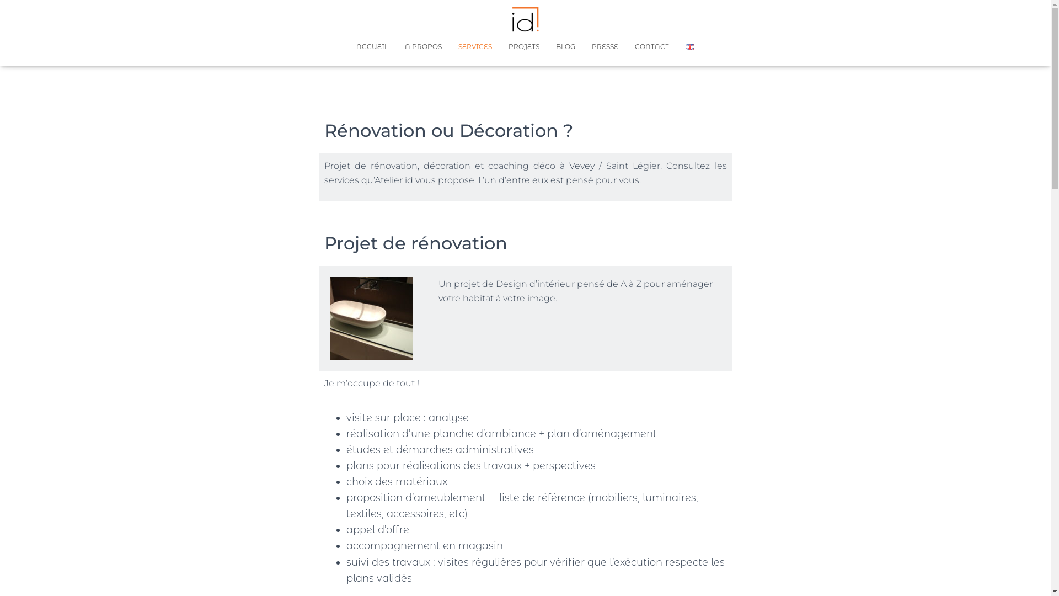 Image resolution: width=1059 pixels, height=596 pixels. What do you see at coordinates (525, 19) in the screenshot?
I see `'Atelier id'` at bounding box center [525, 19].